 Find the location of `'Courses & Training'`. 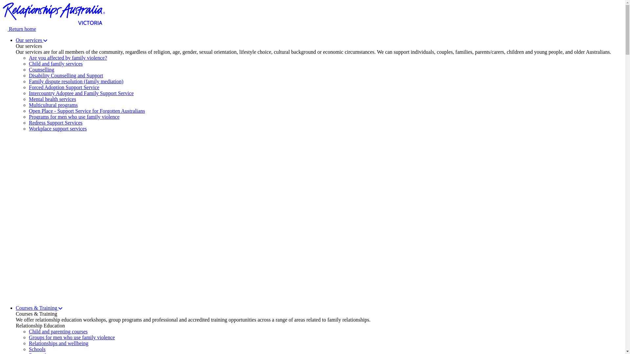

'Courses & Training' is located at coordinates (39, 308).